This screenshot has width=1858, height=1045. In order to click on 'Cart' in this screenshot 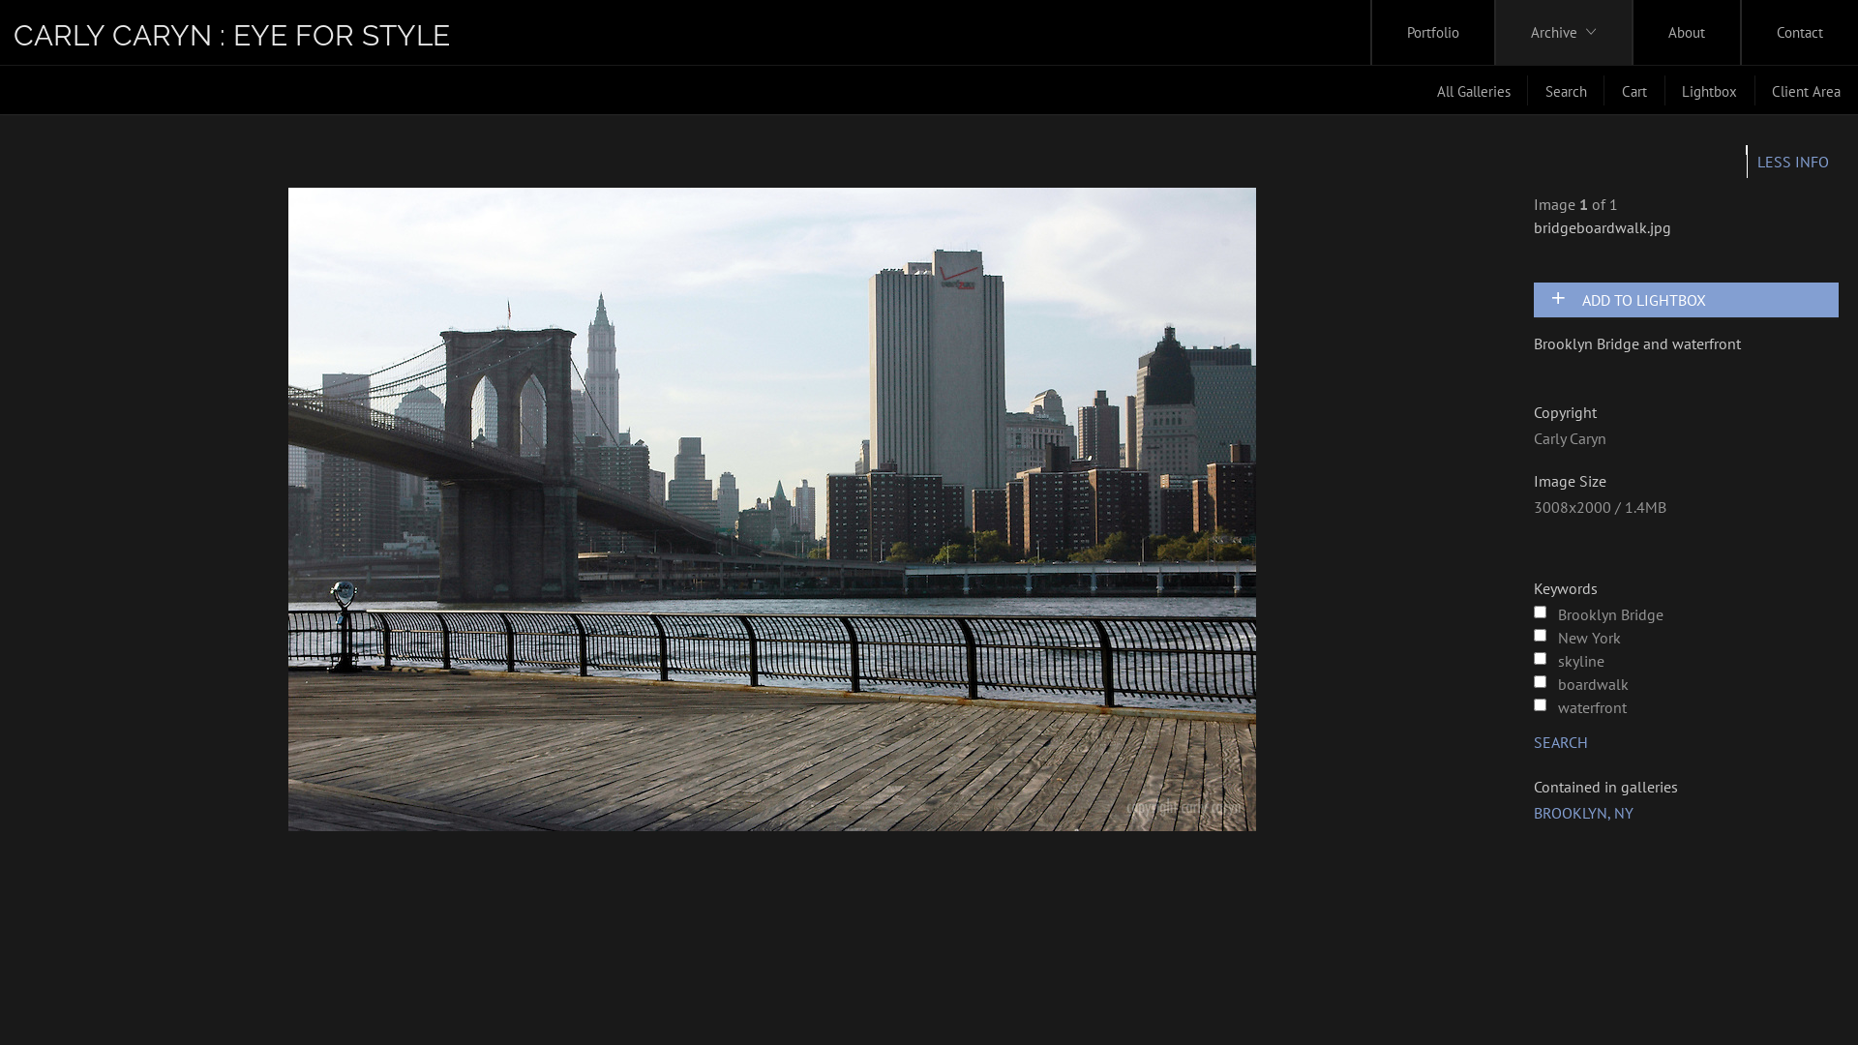, I will do `click(1603, 90)`.